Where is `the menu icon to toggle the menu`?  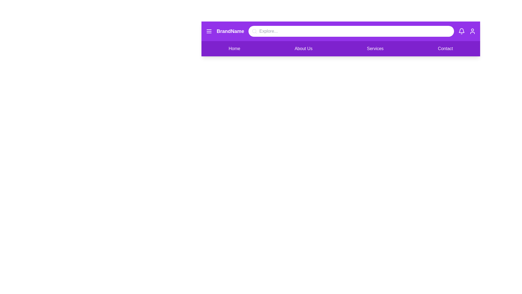 the menu icon to toggle the menu is located at coordinates (209, 31).